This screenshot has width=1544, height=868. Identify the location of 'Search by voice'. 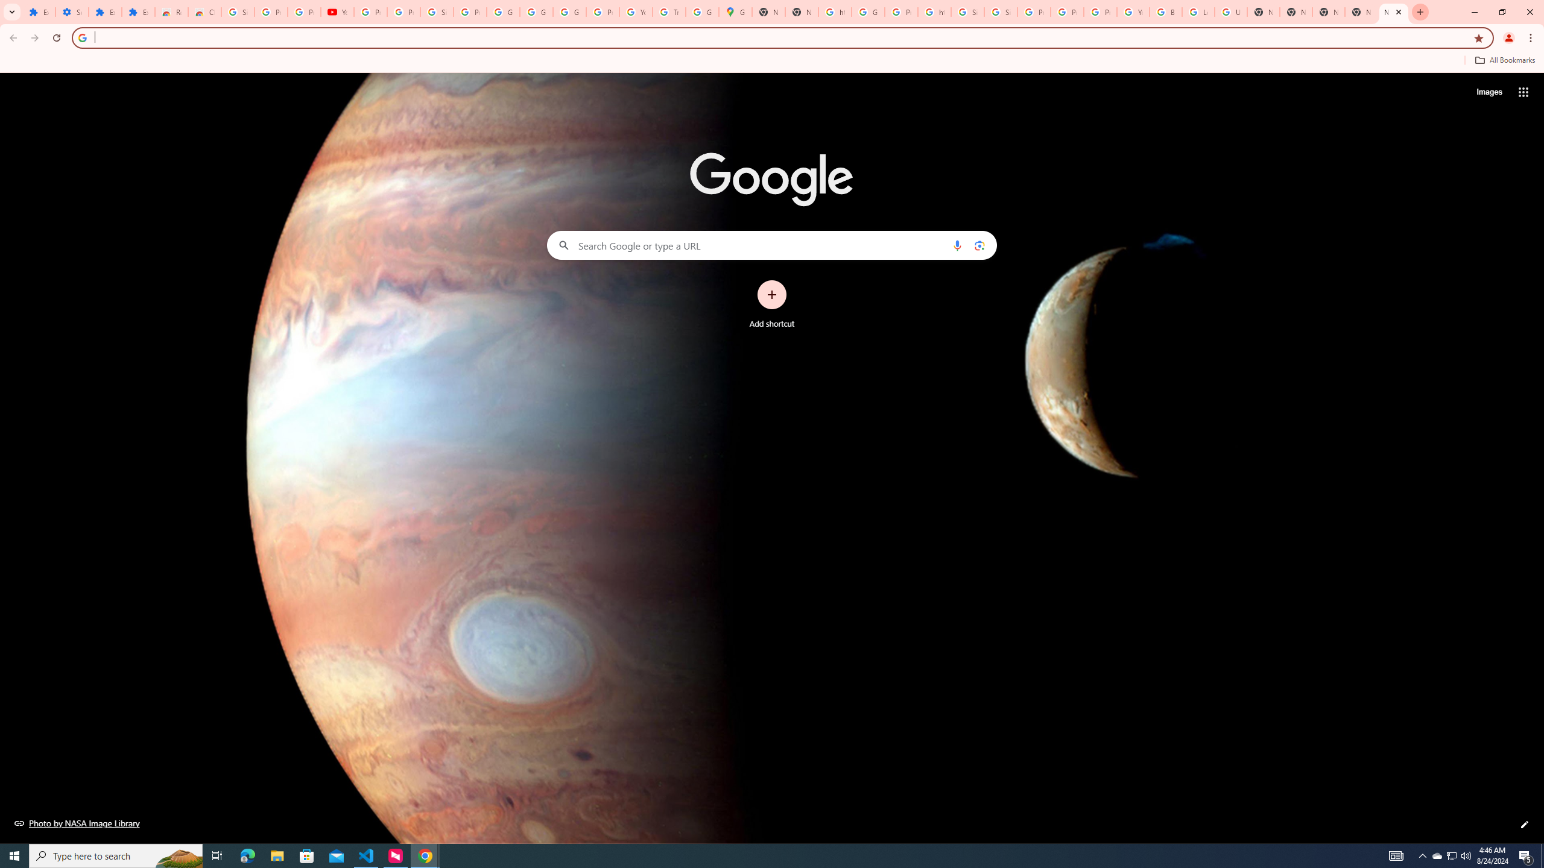
(957, 244).